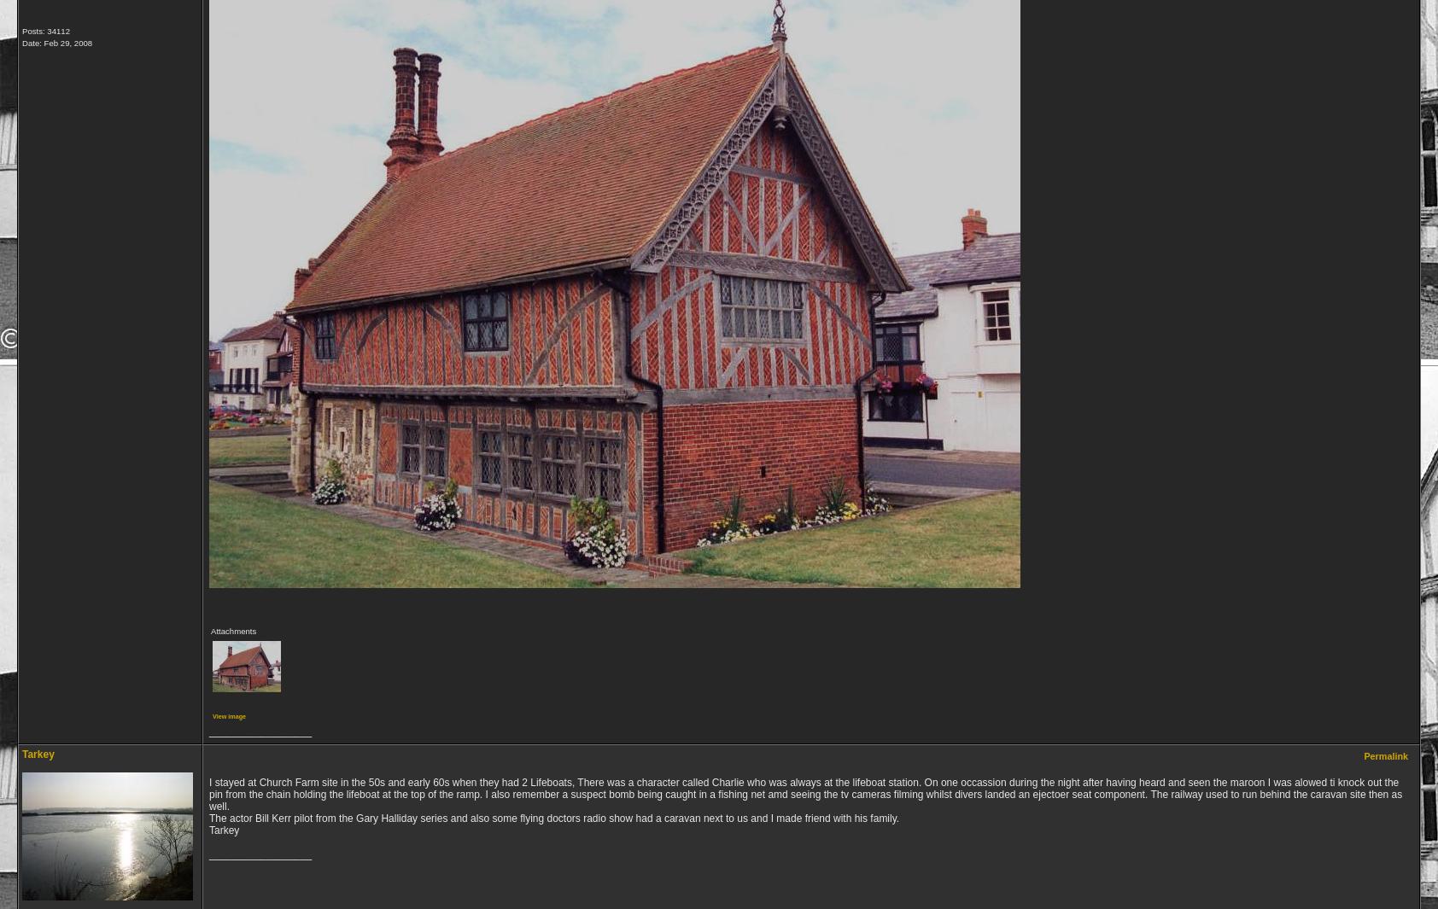  What do you see at coordinates (554, 819) in the screenshot?
I see `'The actor Bill Kerr pilot from the Gary Halliday series and also some flying doctors radio show had a caravan next to us and I made friend with his family.'` at bounding box center [554, 819].